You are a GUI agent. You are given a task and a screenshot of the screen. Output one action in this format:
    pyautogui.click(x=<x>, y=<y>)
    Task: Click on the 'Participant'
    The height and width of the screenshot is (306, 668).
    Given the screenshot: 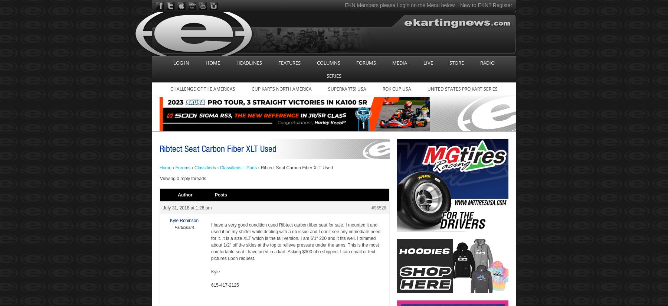 What is the action you would take?
    pyautogui.click(x=174, y=227)
    